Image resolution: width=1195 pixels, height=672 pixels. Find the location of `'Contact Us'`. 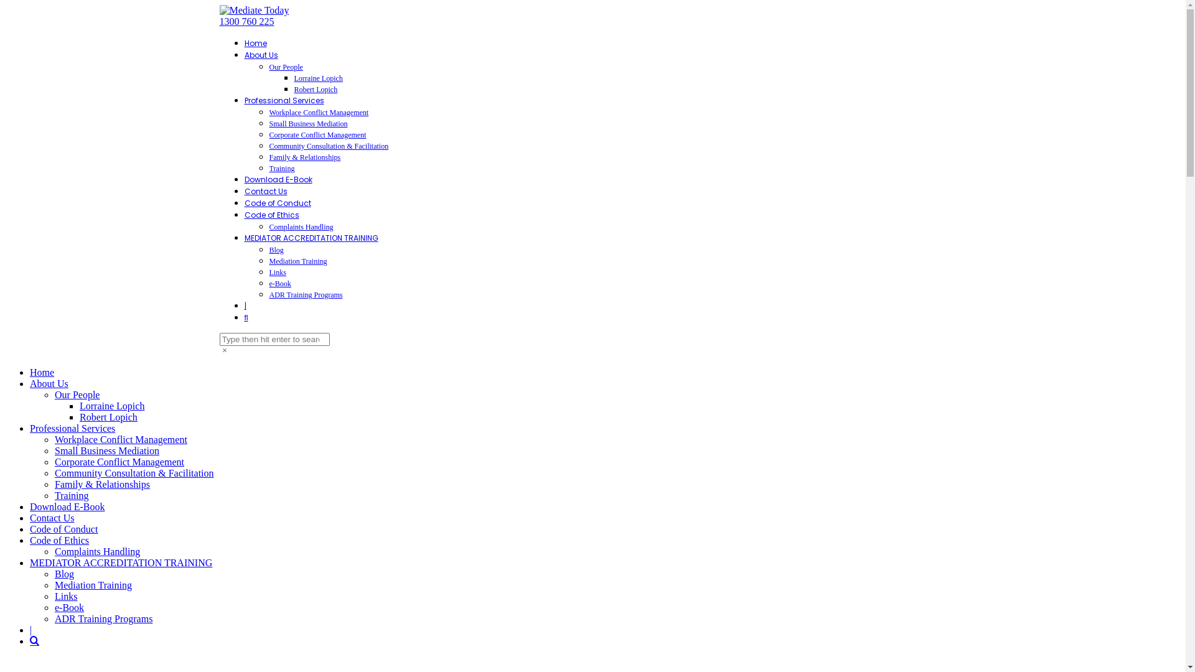

'Contact Us' is located at coordinates (30, 518).